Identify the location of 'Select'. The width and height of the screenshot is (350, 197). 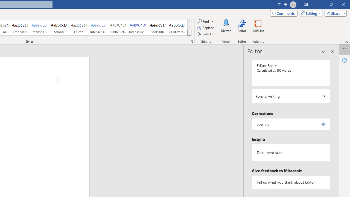
(206, 34).